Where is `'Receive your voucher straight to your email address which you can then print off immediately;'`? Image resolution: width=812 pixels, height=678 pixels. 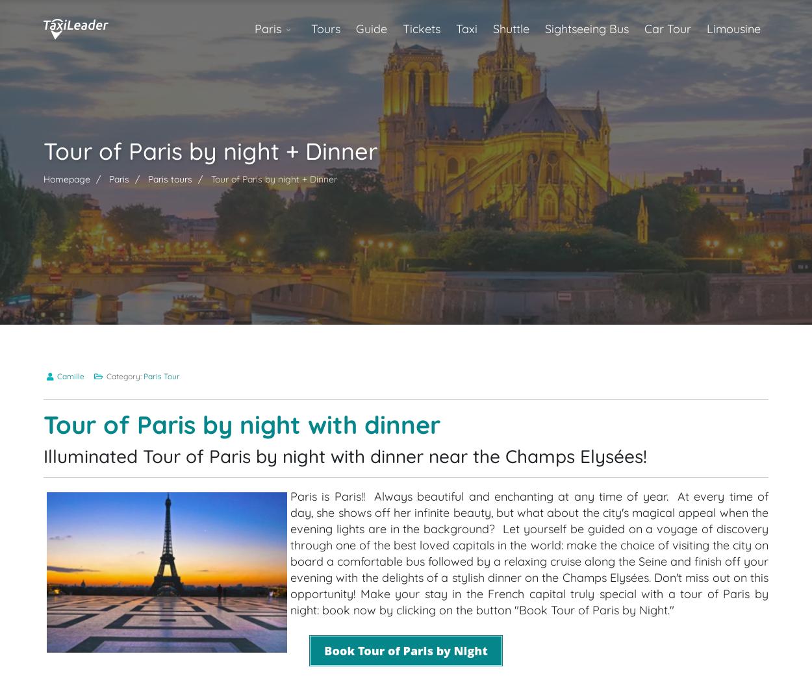 'Receive your voucher straight to your email address which you can then print off immediately;' is located at coordinates (312, 520).